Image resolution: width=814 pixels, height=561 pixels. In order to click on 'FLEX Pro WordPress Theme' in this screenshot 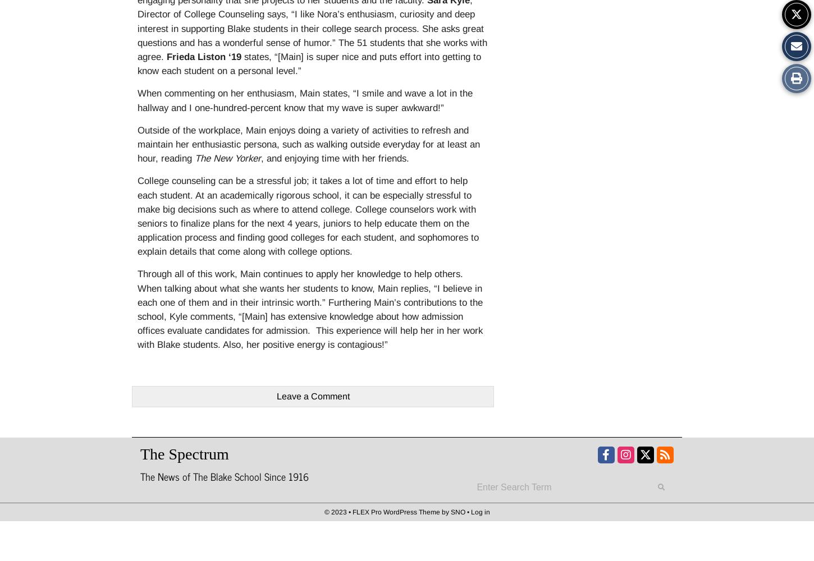, I will do `click(395, 512)`.